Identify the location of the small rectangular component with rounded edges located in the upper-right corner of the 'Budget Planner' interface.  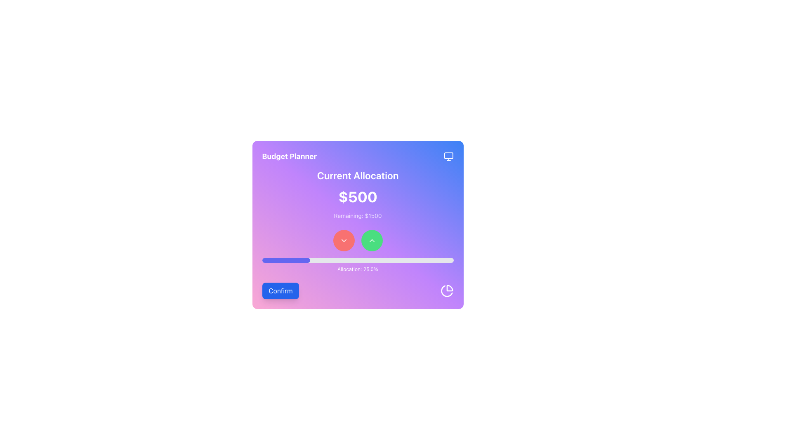
(448, 156).